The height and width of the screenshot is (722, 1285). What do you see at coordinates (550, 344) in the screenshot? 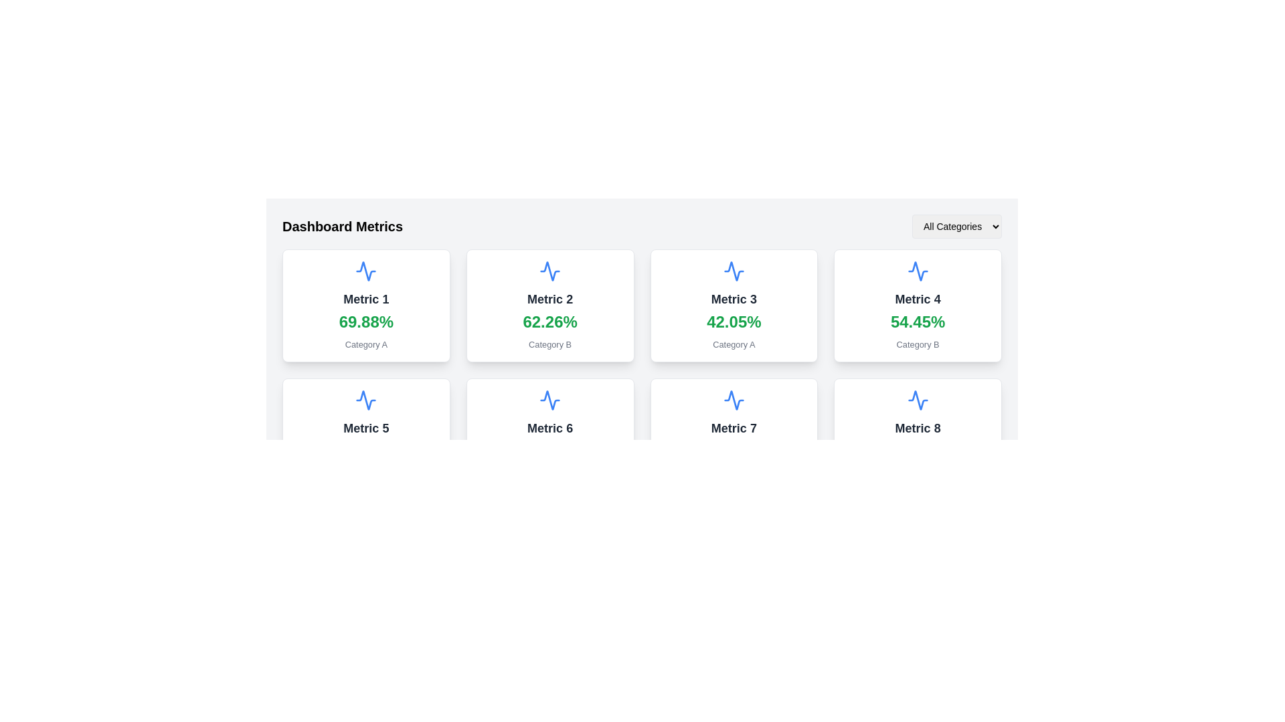
I see `the 'Category B' text label, which is displayed in a subtle gray color at the bottom of the 'Metric 2' card in the 'Dashboard Metrics' section` at bounding box center [550, 344].